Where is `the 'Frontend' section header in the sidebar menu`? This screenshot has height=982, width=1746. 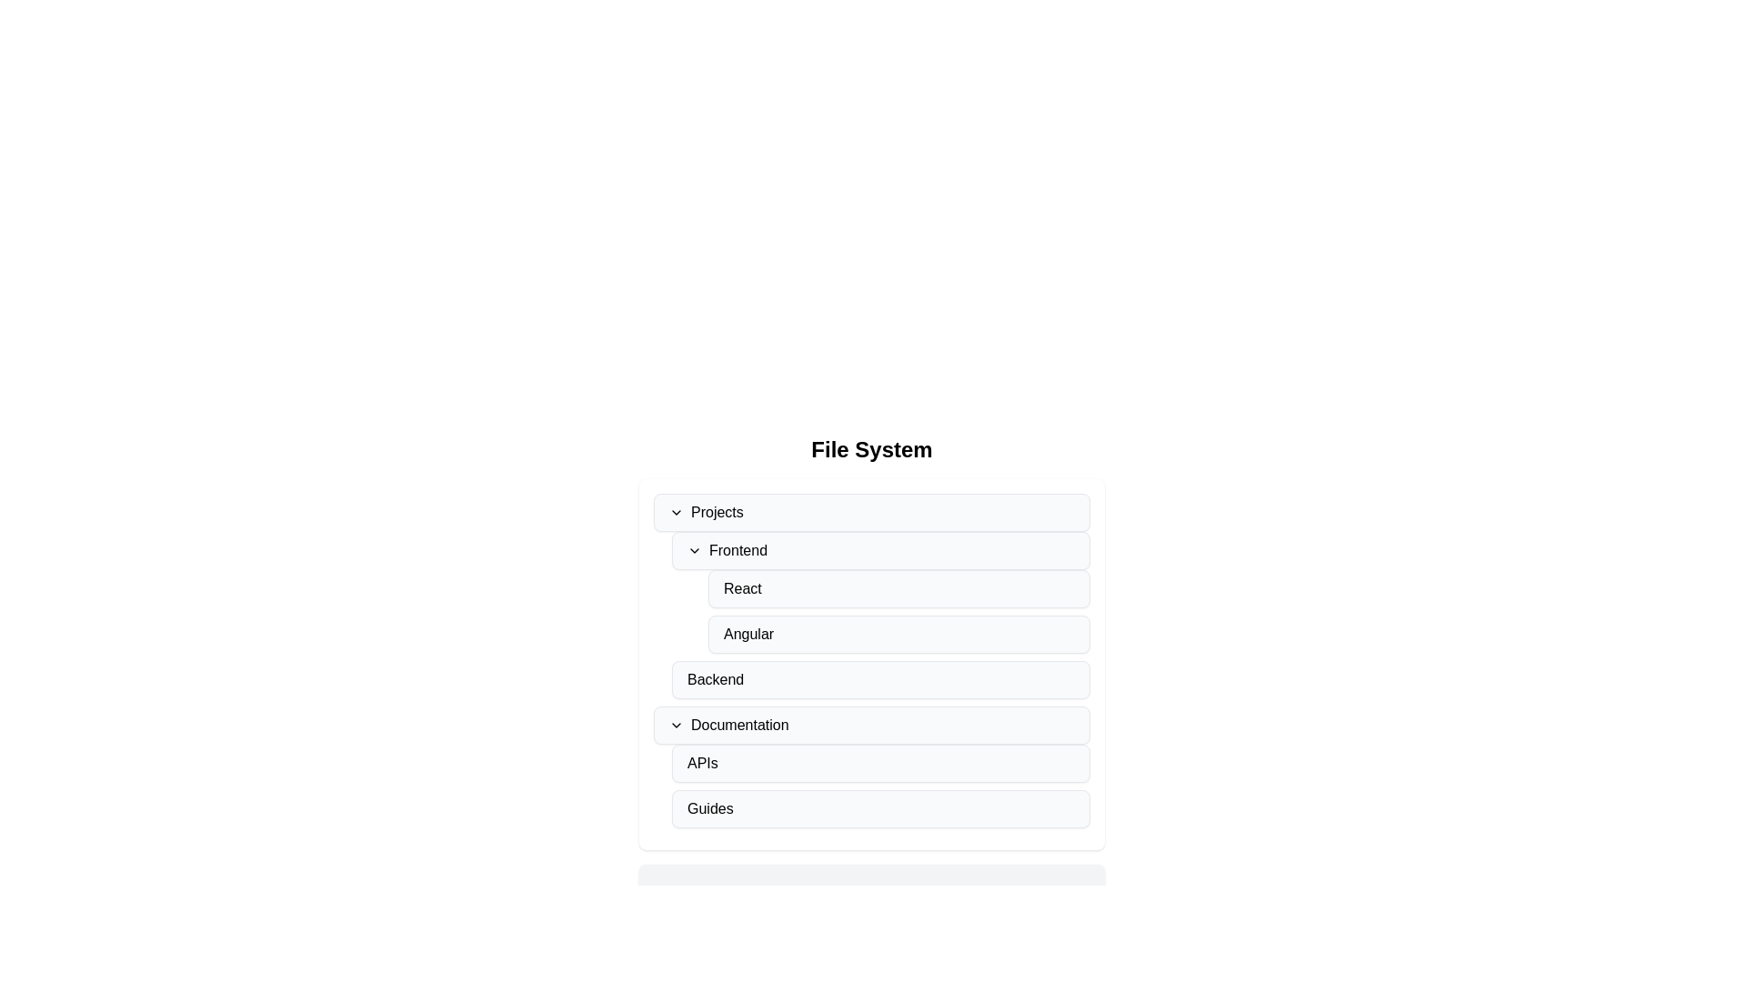 the 'Frontend' section header in the sidebar menu is located at coordinates (727, 549).